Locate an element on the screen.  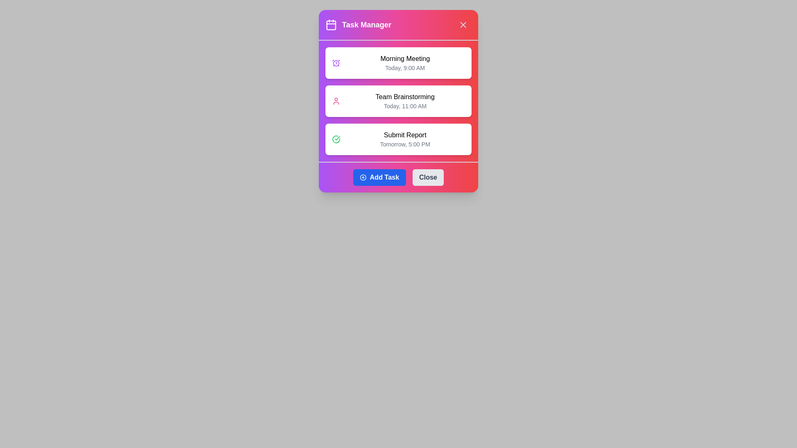
the 'Add Task' button, which is styled with rounded corners and has white text on a blue background, located in the bottom section of a modal dialog is located at coordinates (384, 177).